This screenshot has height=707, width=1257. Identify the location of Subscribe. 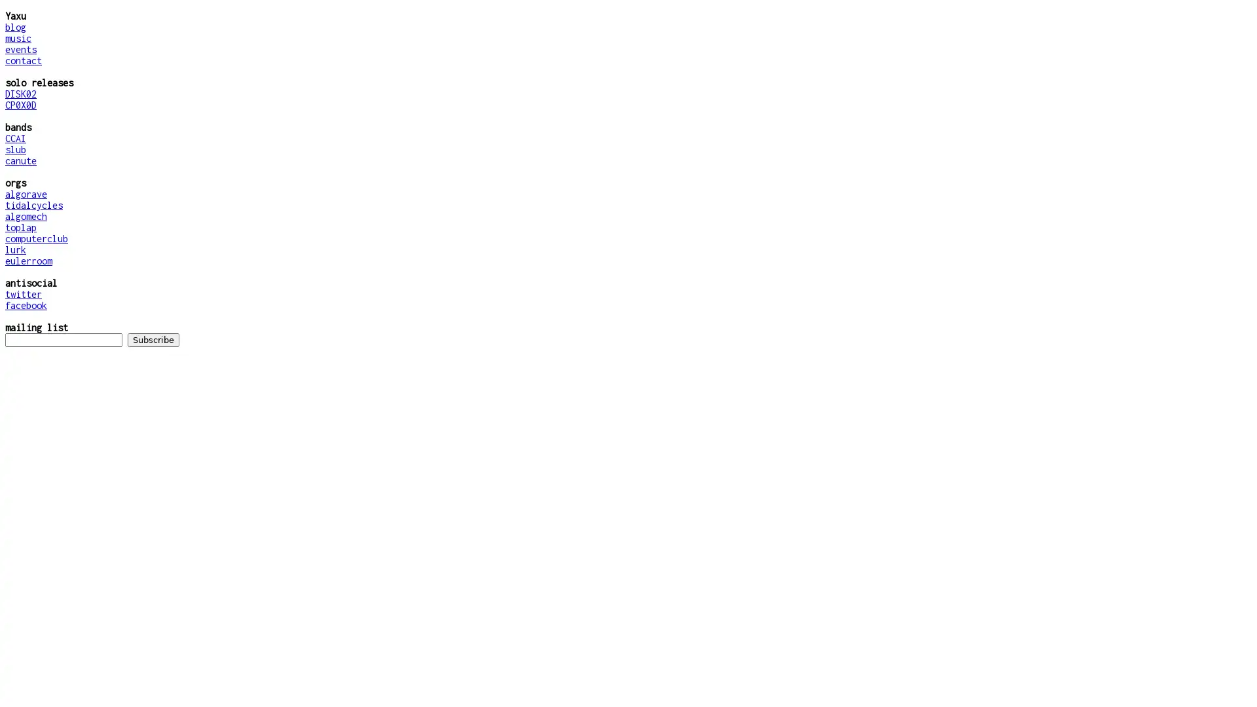
(153, 339).